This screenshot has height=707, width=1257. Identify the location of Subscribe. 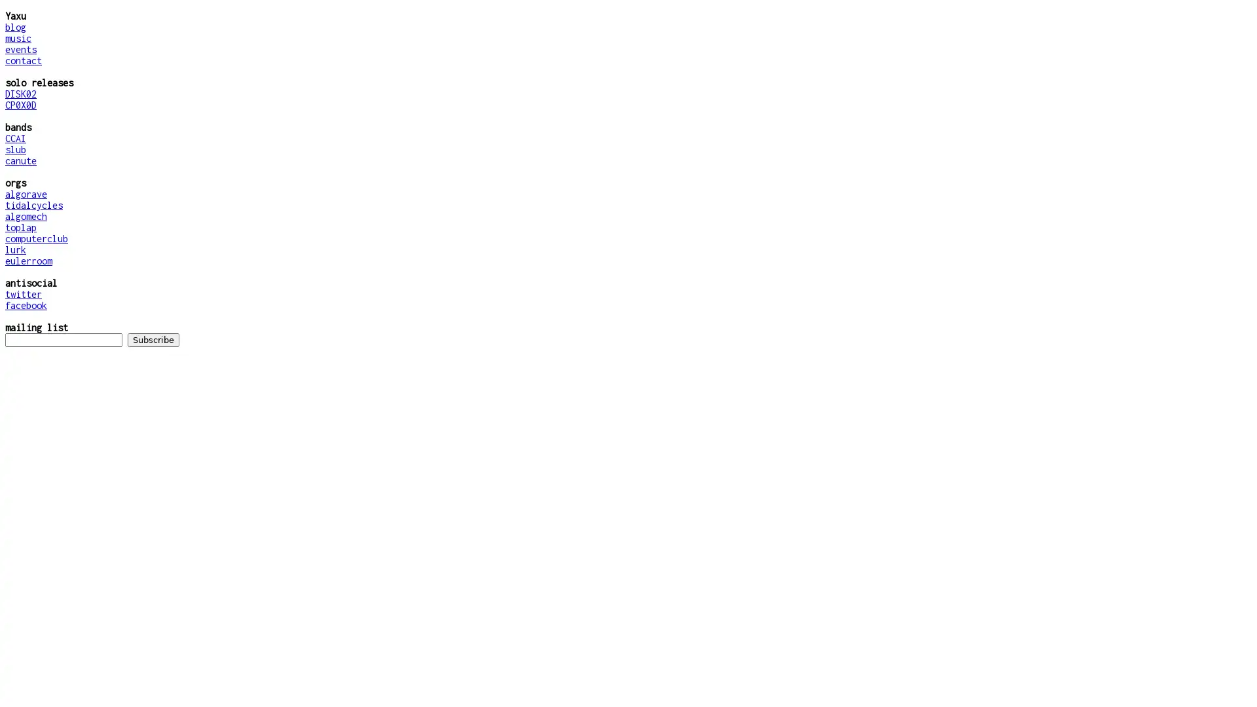
(153, 339).